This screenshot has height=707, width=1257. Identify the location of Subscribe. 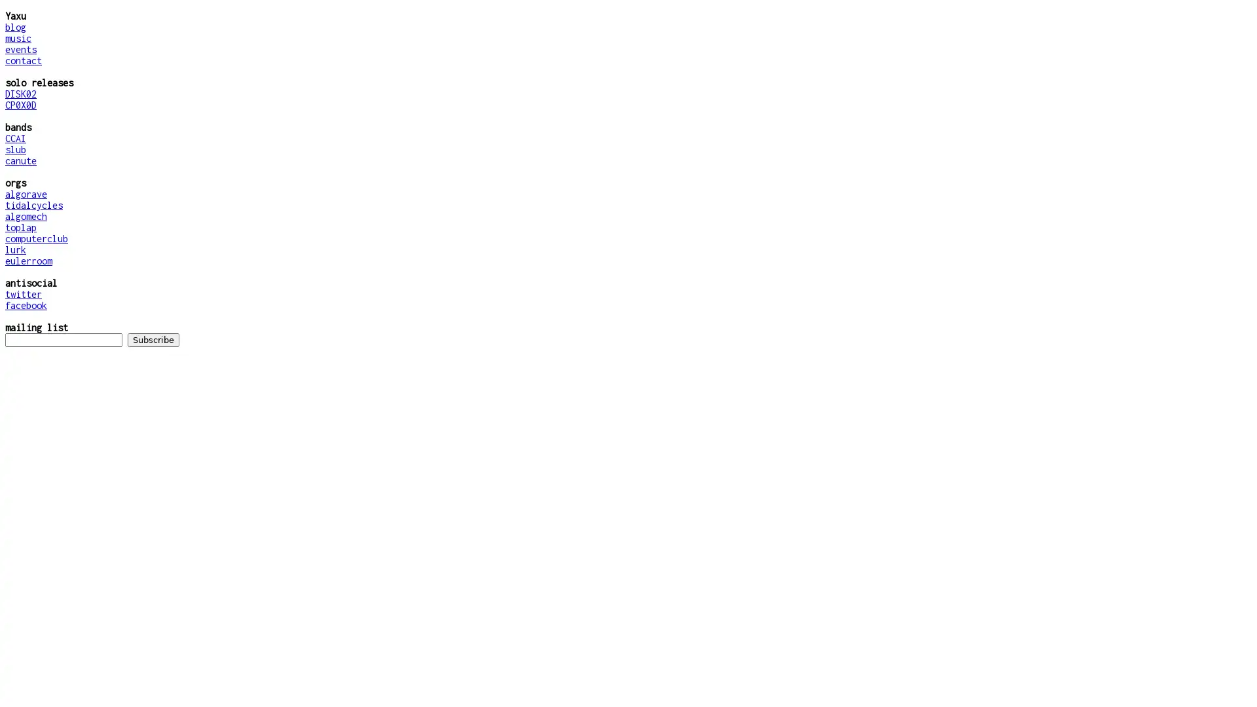
(153, 339).